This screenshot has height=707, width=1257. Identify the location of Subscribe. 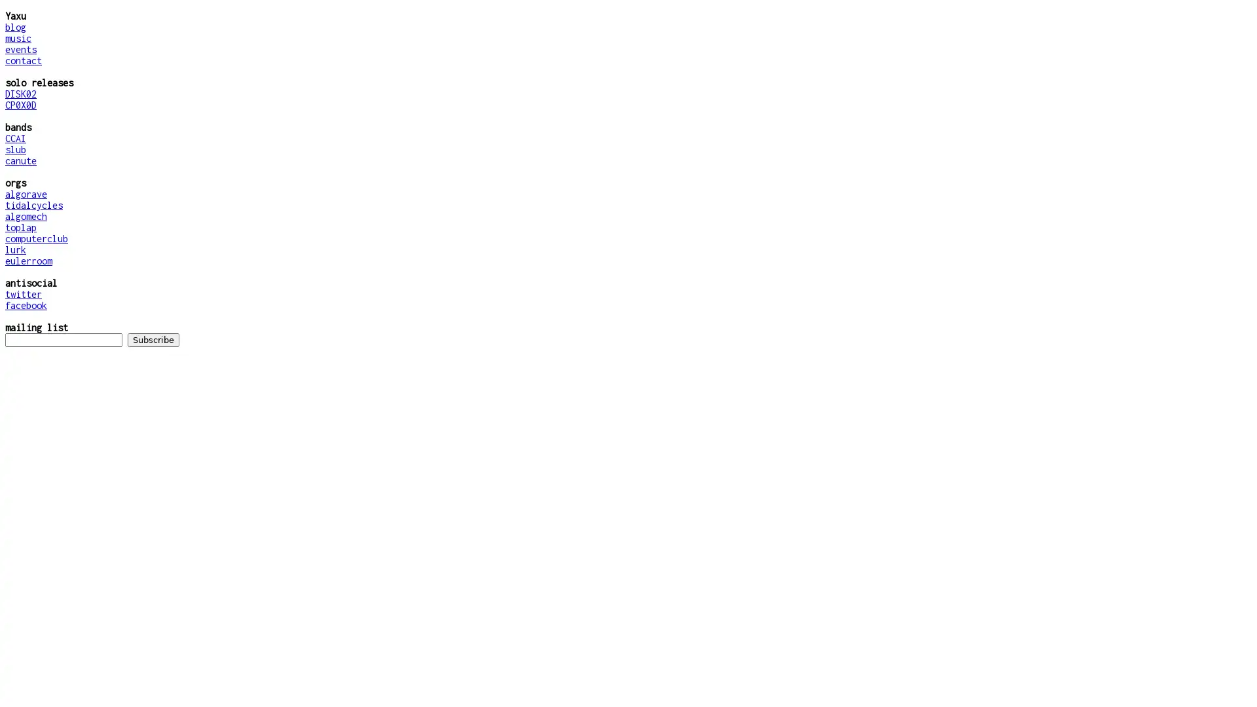
(153, 339).